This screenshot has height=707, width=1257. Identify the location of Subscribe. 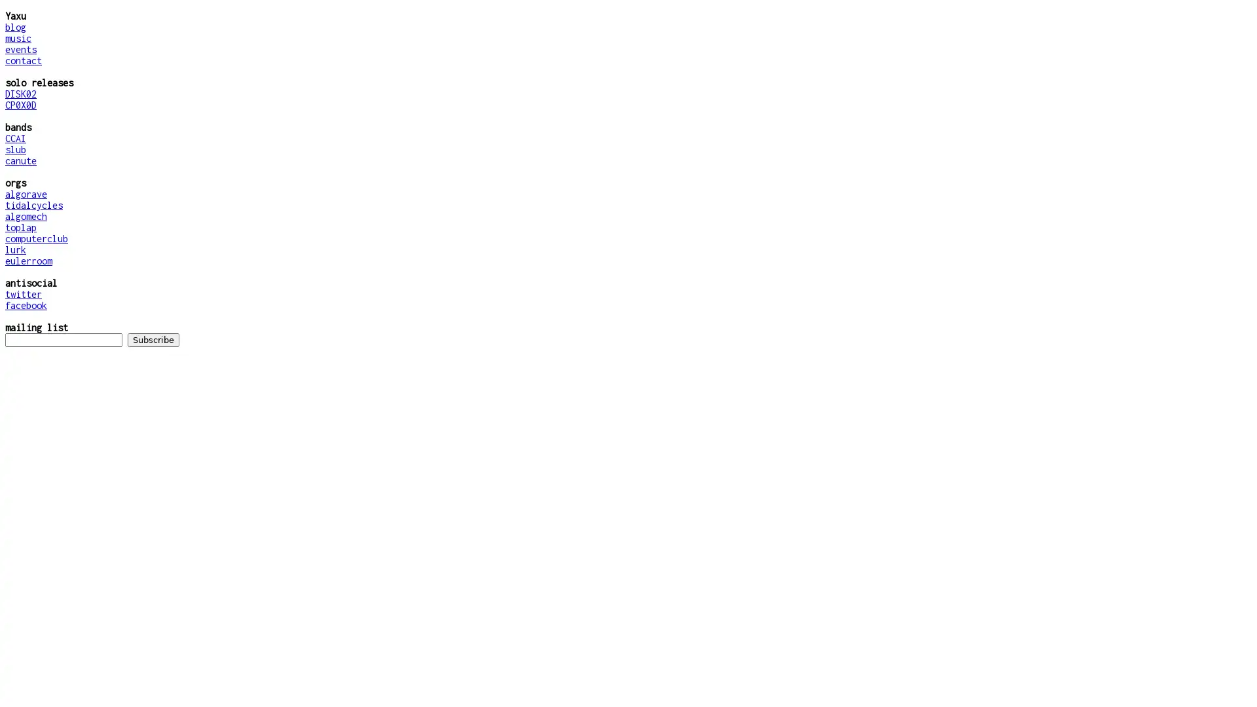
(153, 339).